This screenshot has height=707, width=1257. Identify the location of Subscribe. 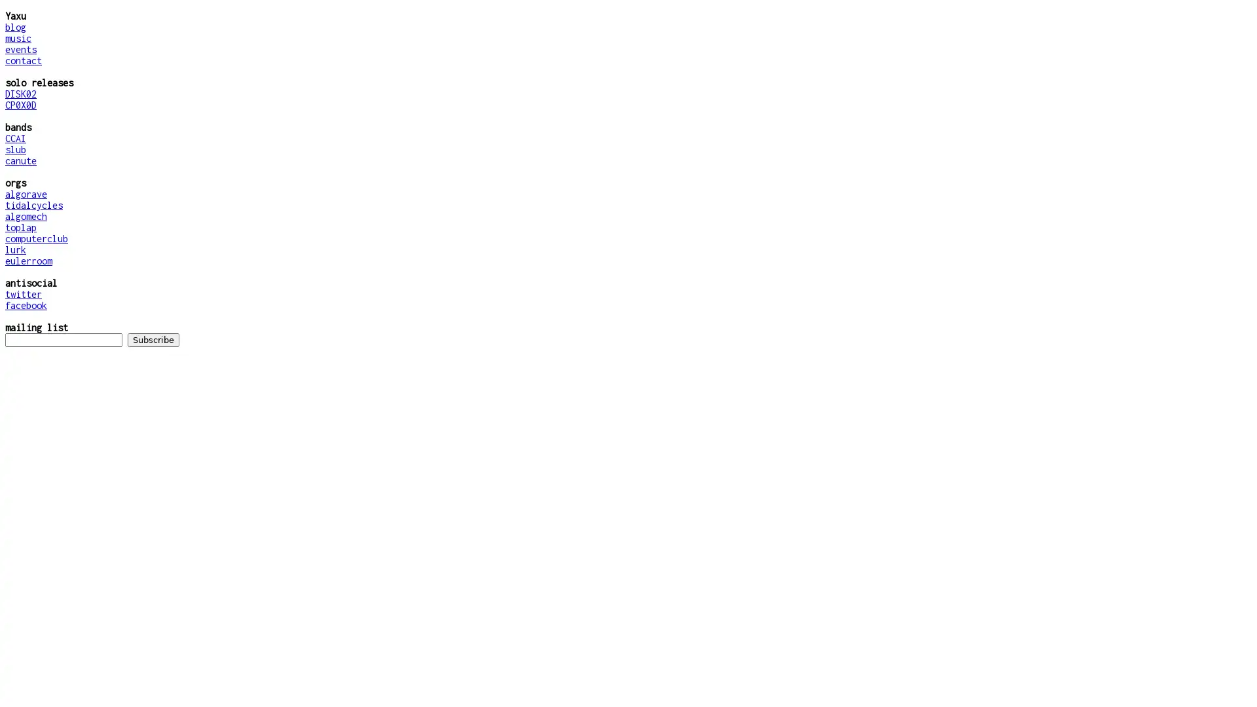
(153, 339).